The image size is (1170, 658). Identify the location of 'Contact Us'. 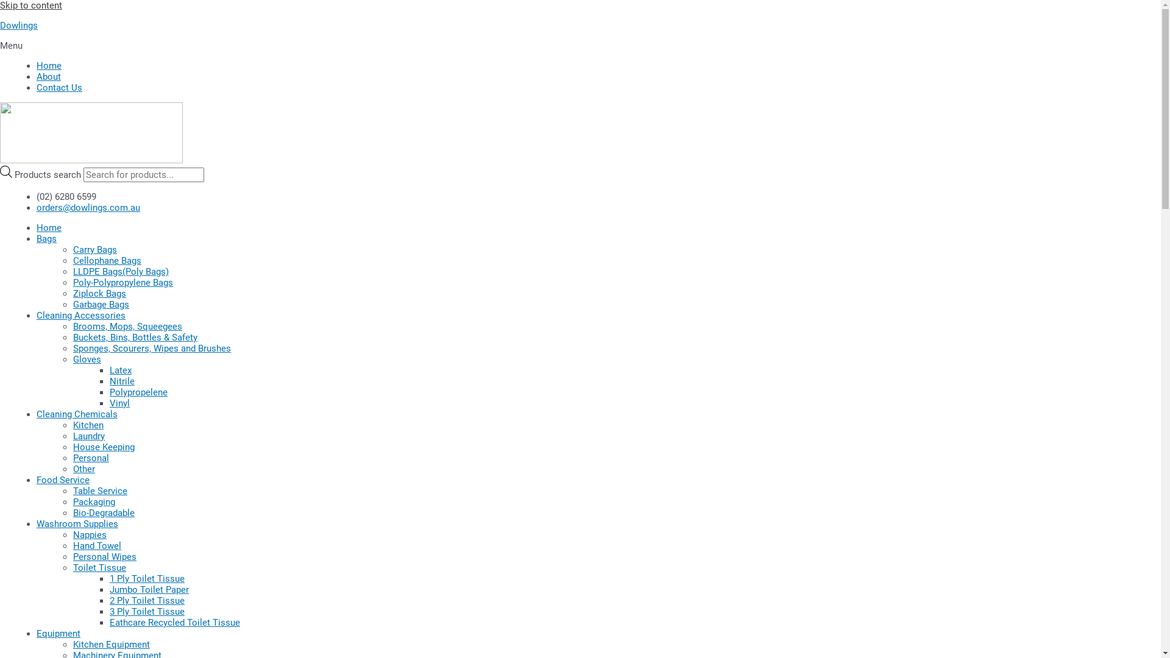
(36, 87).